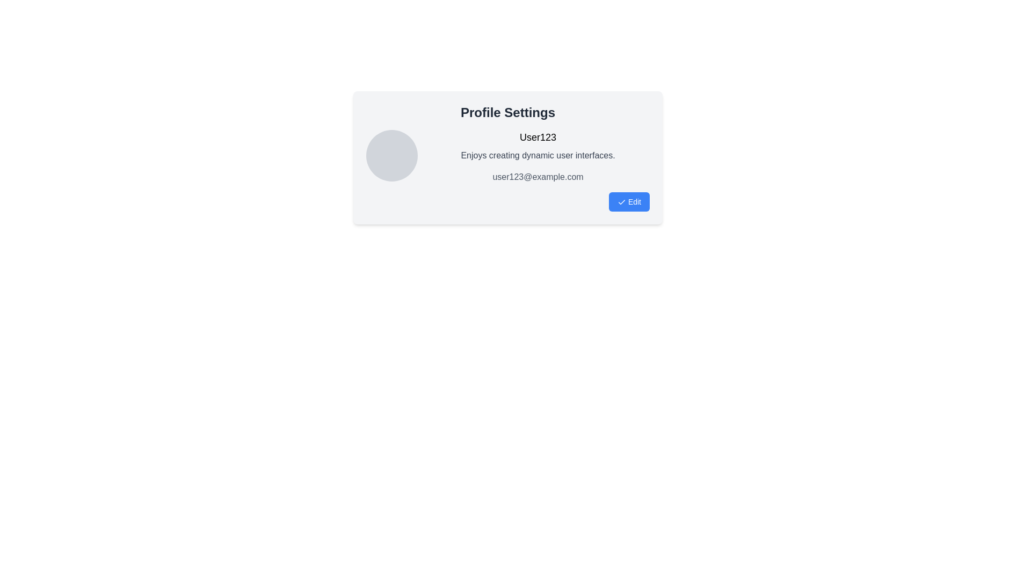 The width and height of the screenshot is (1031, 580). Describe the element at coordinates (538, 157) in the screenshot. I see `displayed information from the Text block summarizing the user's profile, which includes their username, description, and contact email, located to the right of the rounded avatar icon` at that location.